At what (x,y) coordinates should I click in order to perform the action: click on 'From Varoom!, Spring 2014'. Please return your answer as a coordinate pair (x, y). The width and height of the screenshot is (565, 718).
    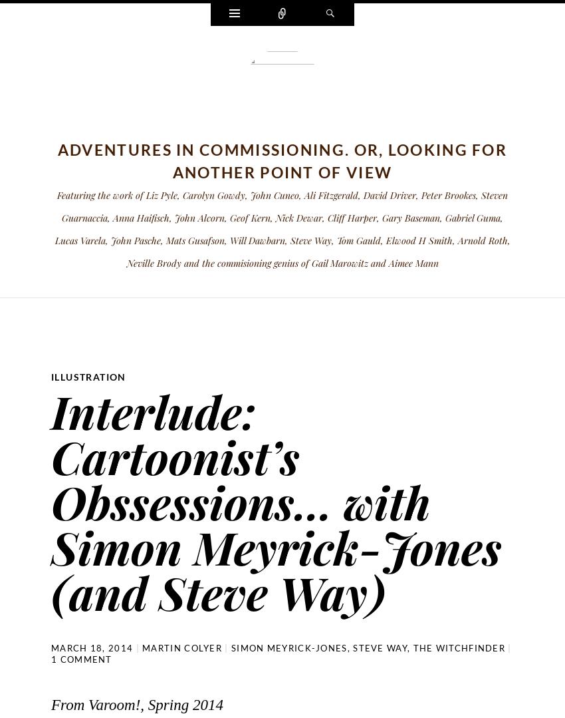
    Looking at the image, I should click on (136, 703).